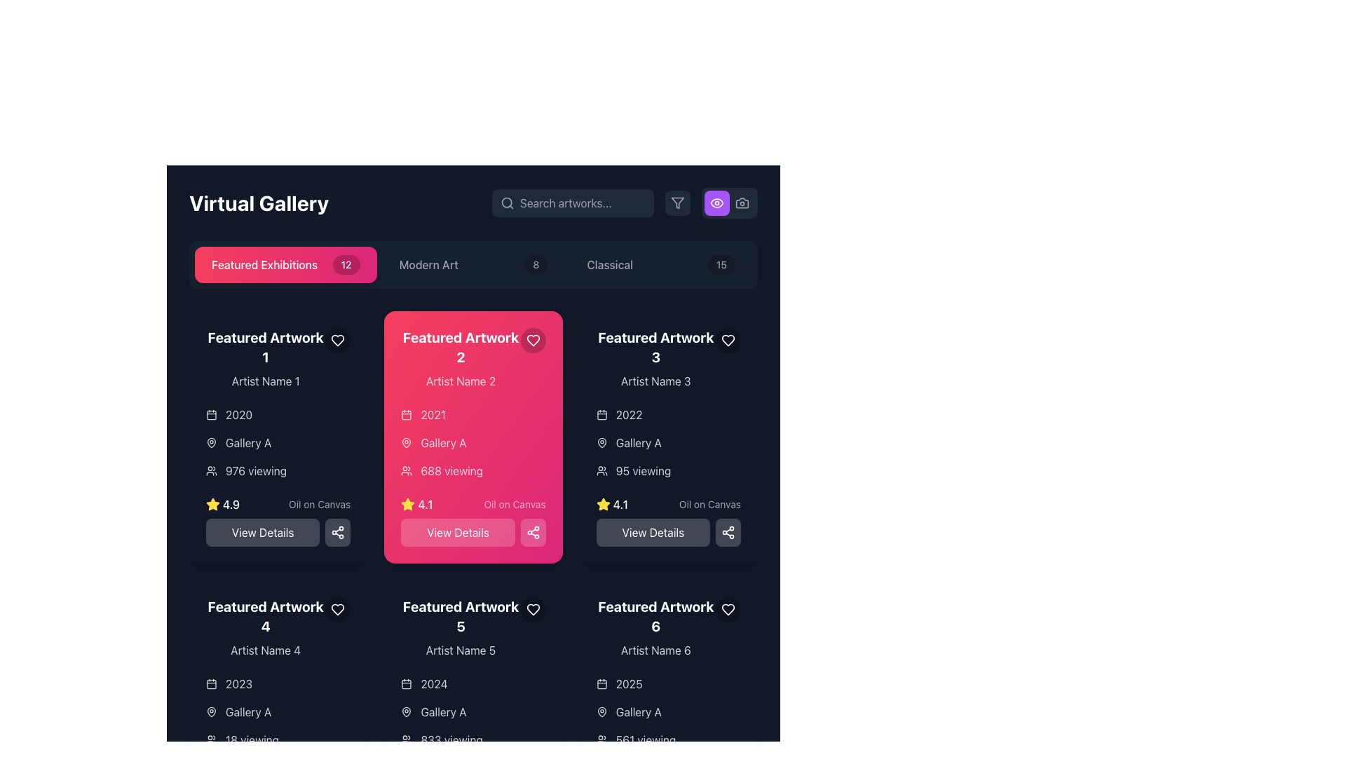 The image size is (1346, 757). What do you see at coordinates (278, 532) in the screenshot?
I see `the button located at the bottom of the card for 'Featured Artwork 1', which is the first button in a horizontal row of two elements, to trigger the hover effect` at bounding box center [278, 532].